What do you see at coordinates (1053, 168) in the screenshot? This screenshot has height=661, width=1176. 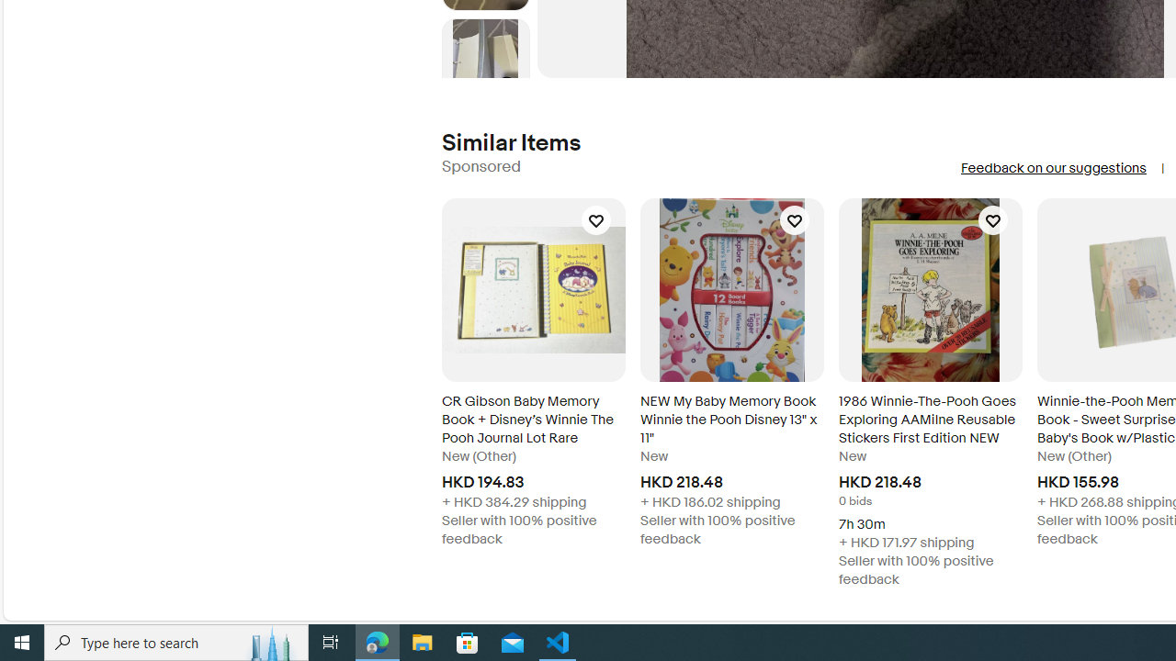 I see `'Feedback on our suggestions'` at bounding box center [1053, 168].